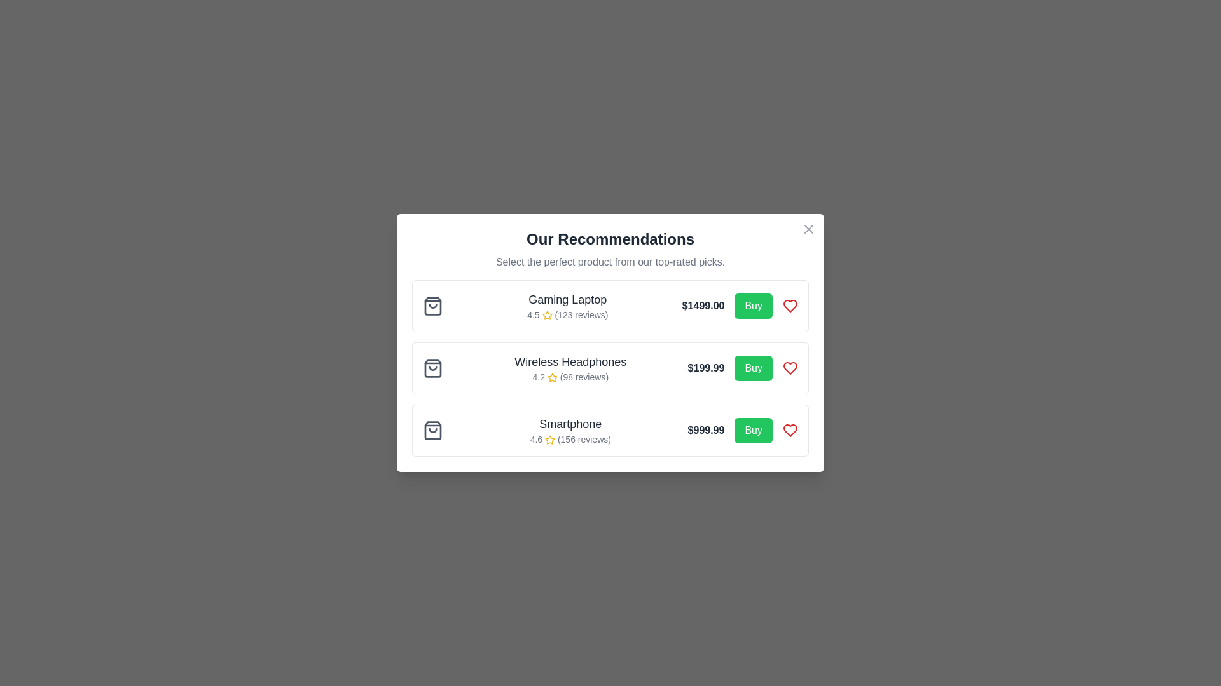 The width and height of the screenshot is (1221, 686). What do you see at coordinates (570, 368) in the screenshot?
I see `the informational text element displaying the title and rating for 'Wireless Headphones' in the second recommendation card, located above the price and CTA button` at bounding box center [570, 368].